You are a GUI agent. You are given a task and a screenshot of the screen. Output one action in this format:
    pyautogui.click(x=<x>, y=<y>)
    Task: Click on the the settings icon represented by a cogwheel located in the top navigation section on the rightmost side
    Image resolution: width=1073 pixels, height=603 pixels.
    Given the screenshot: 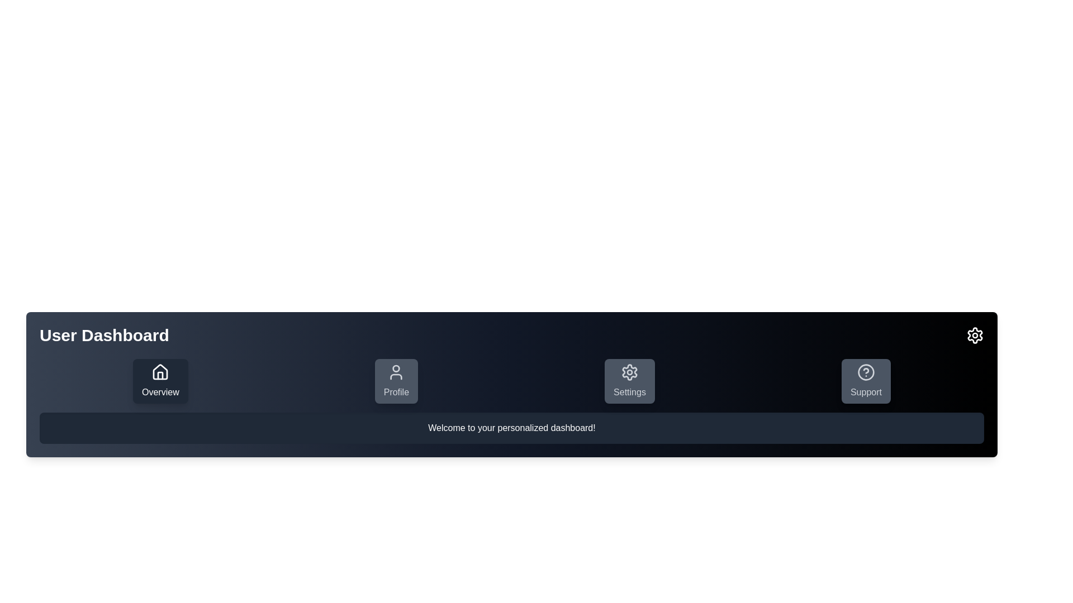 What is the action you would take?
    pyautogui.click(x=975, y=335)
    